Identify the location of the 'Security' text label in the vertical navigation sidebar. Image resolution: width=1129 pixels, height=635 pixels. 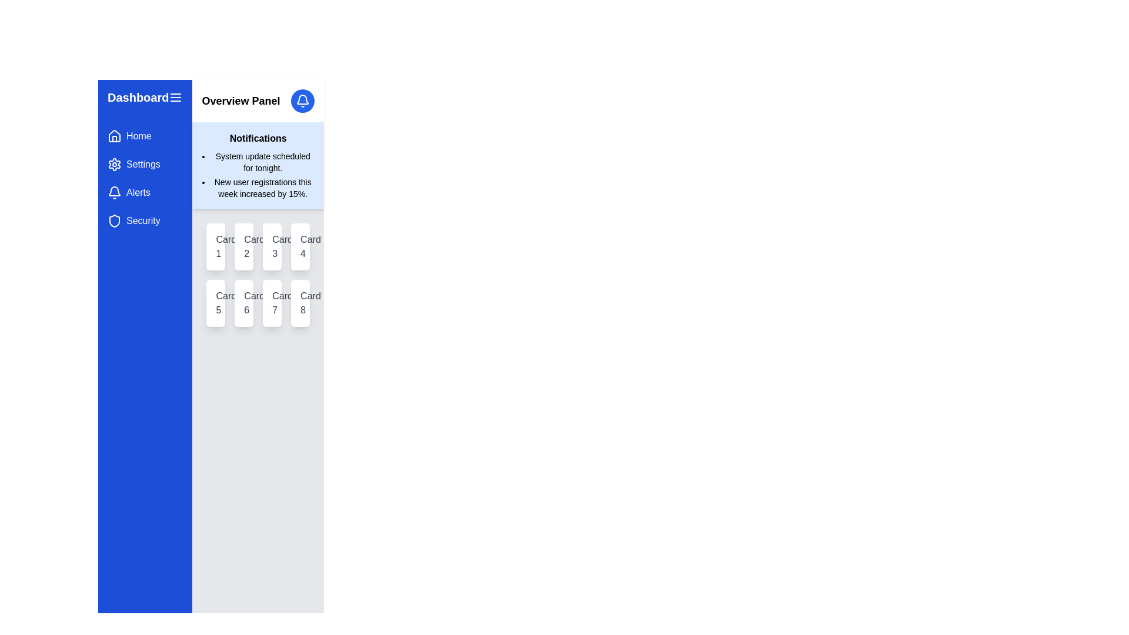
(142, 220).